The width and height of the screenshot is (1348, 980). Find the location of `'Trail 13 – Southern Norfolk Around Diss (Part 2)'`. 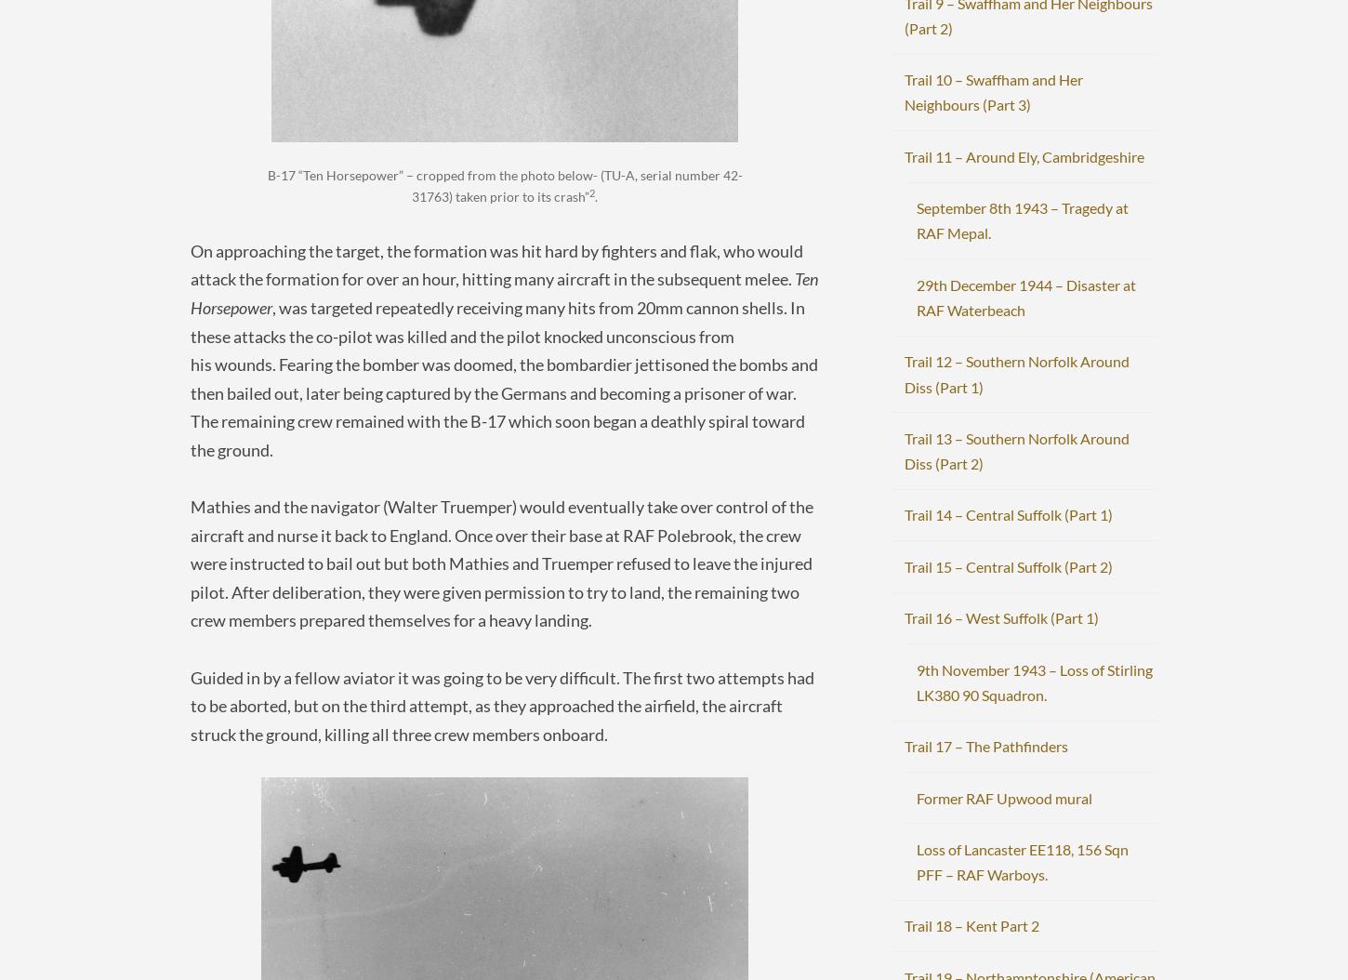

'Trail 13 – Southern Norfolk Around Diss (Part 2)' is located at coordinates (1015, 449).